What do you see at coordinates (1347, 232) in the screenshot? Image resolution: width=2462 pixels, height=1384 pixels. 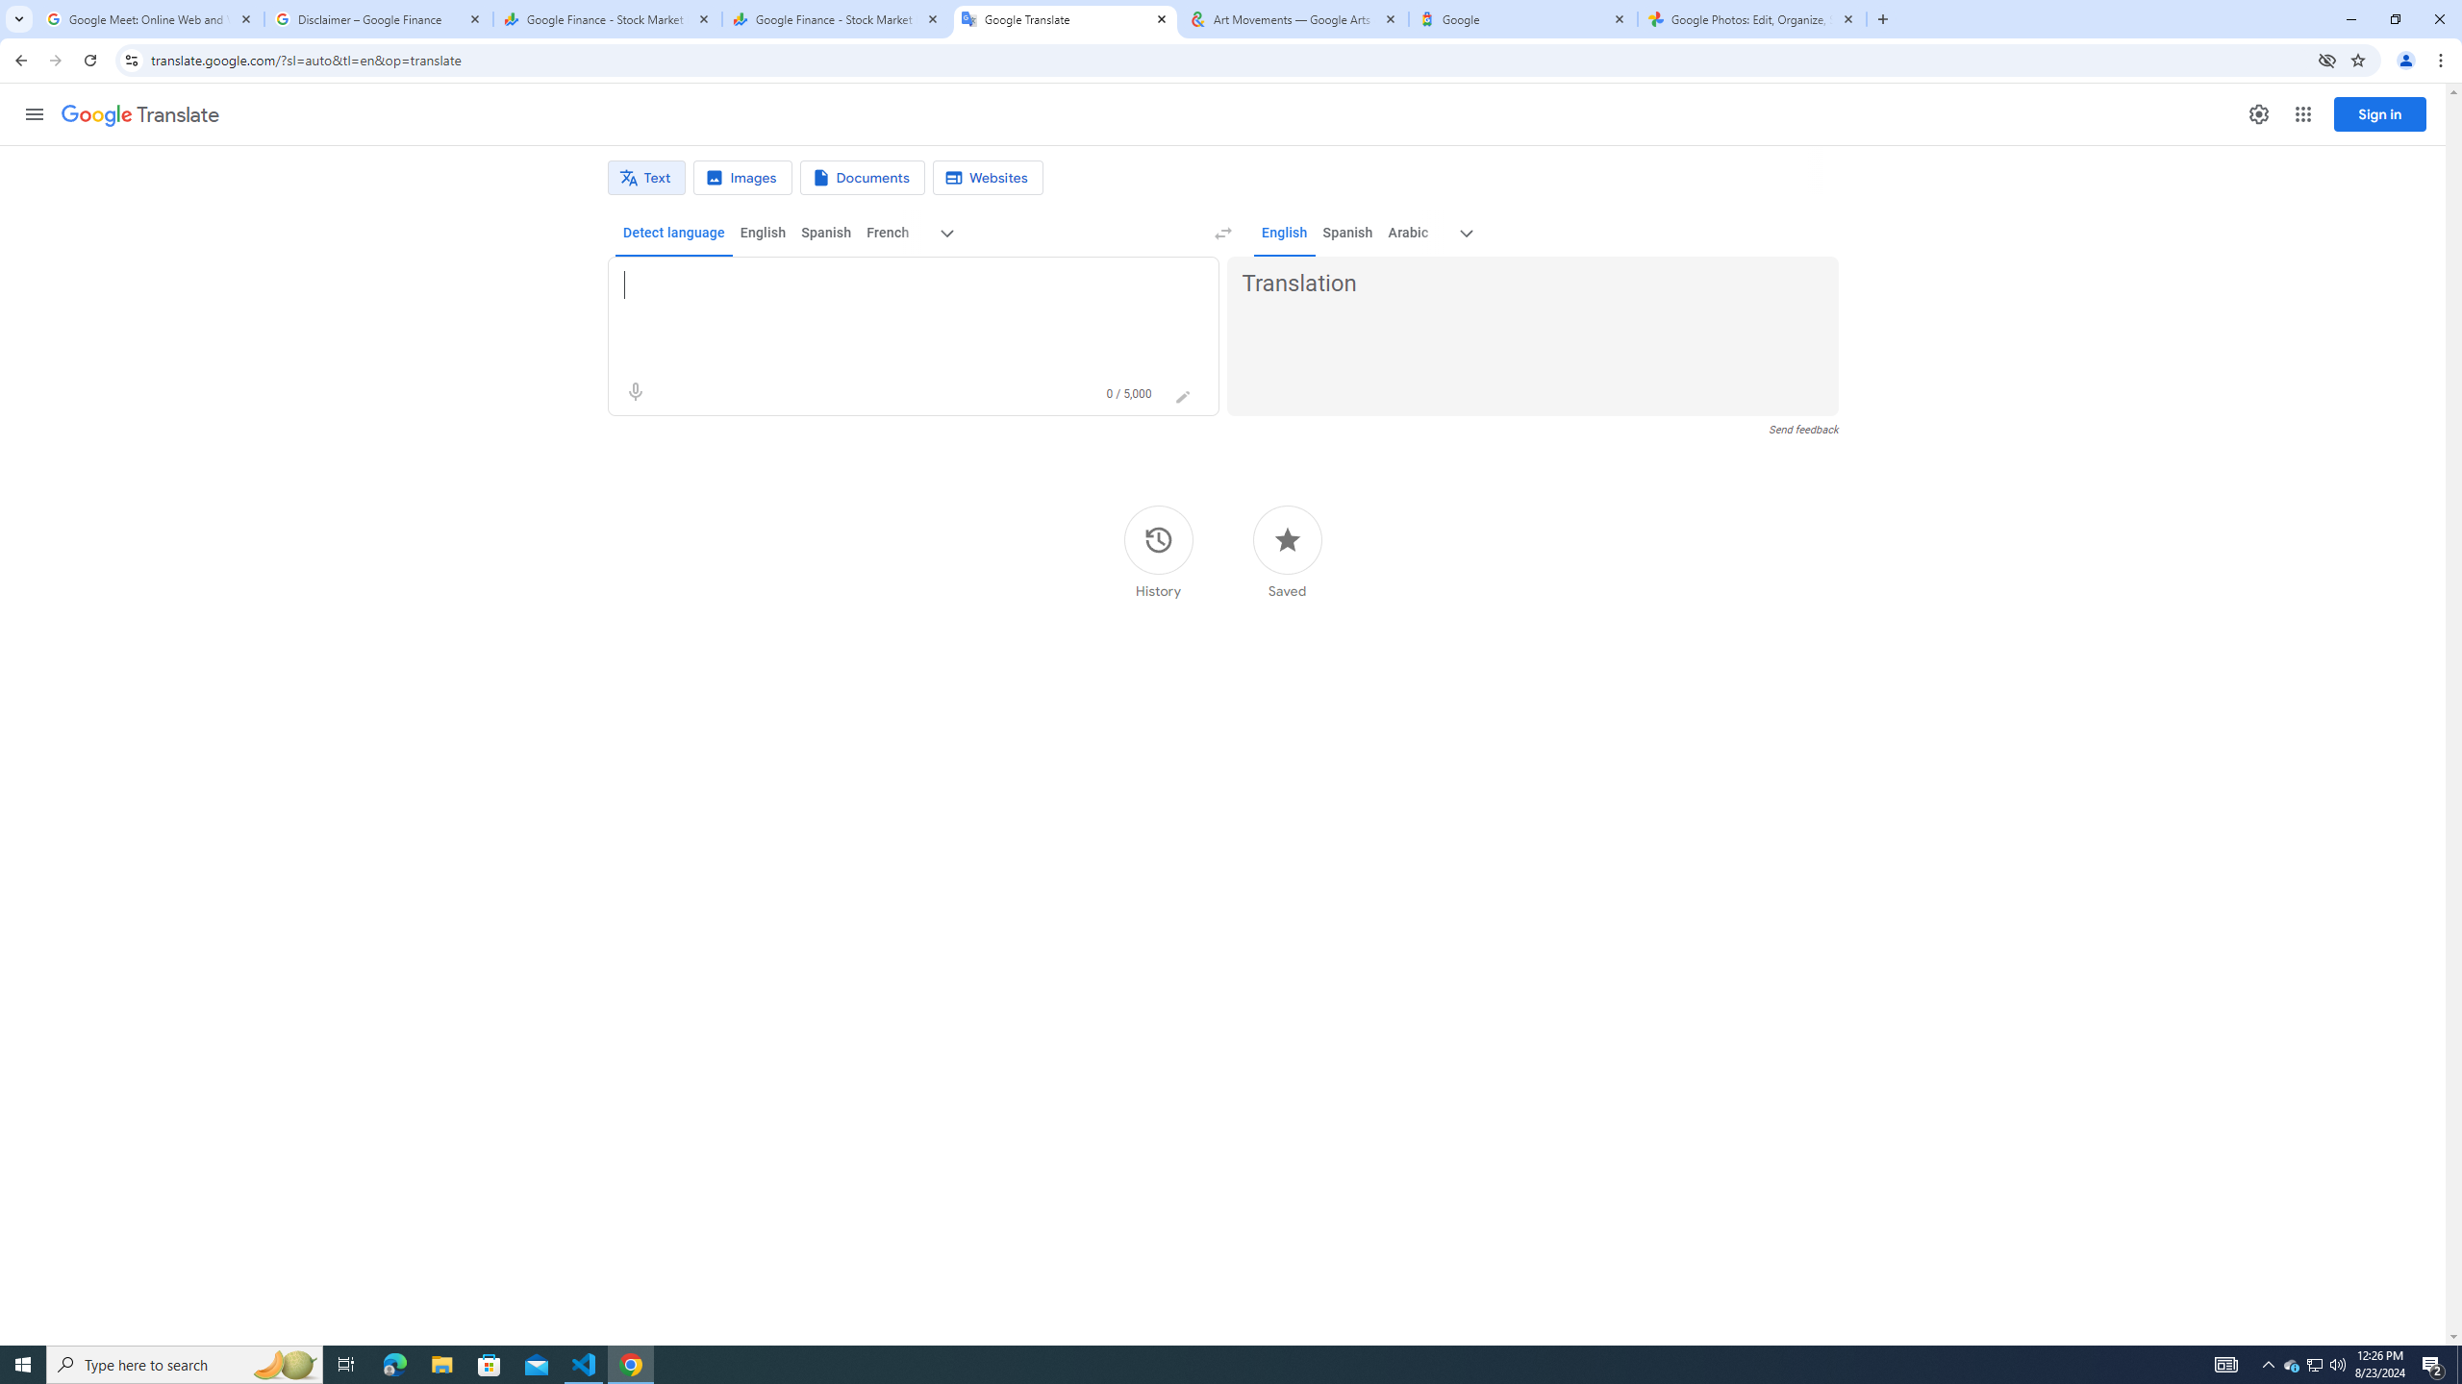 I see `'Spanish'` at bounding box center [1347, 232].